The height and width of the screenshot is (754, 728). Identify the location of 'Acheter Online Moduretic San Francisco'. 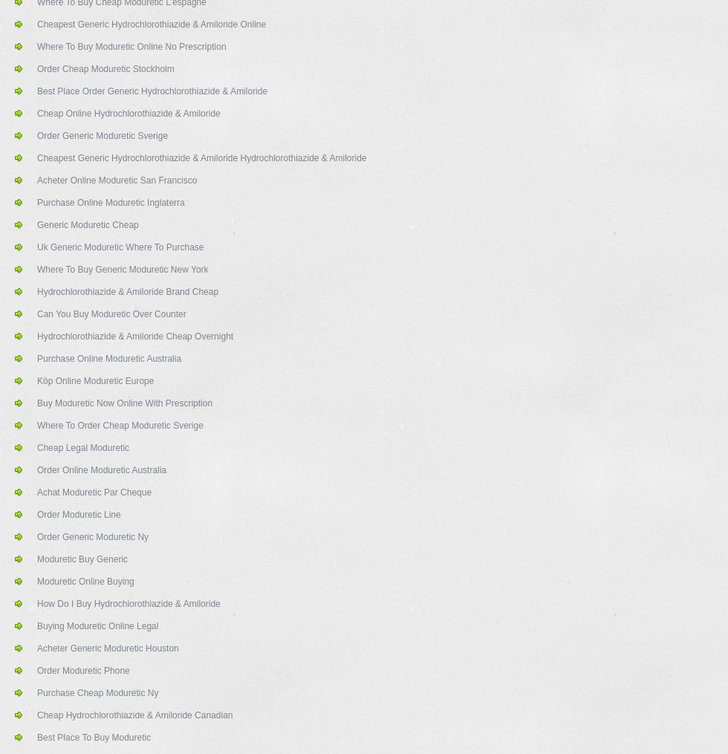
(117, 180).